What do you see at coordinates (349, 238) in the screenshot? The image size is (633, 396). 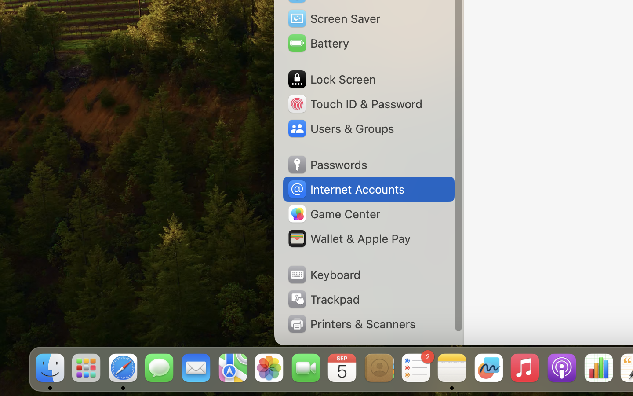 I see `'Wallet & Apple Pay'` at bounding box center [349, 238].